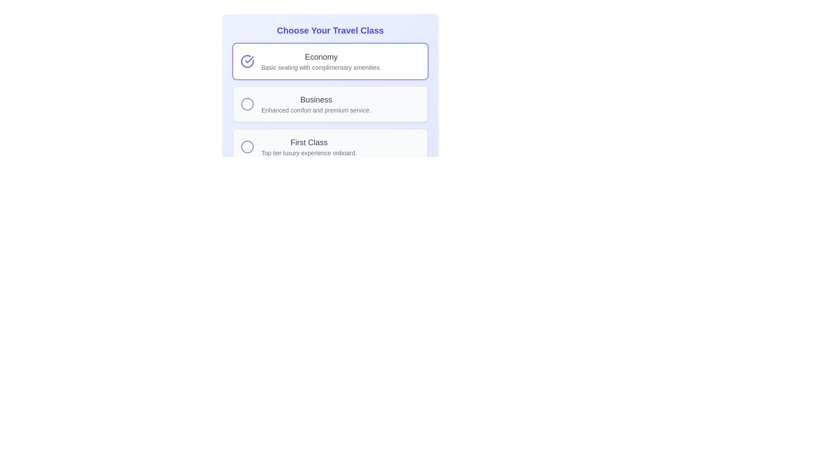 This screenshot has height=471, width=838. Describe the element at coordinates (247, 61) in the screenshot. I see `the circular icon with a checkmark, styled in a gradient blue color, located at the beginning of the 'Economy' travel class option` at that location.